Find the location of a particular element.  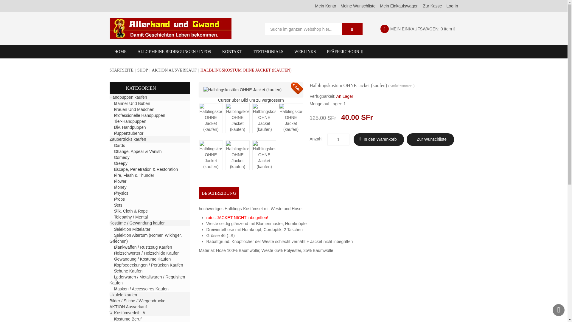

'BESCHREIBUNG' is located at coordinates (219, 193).